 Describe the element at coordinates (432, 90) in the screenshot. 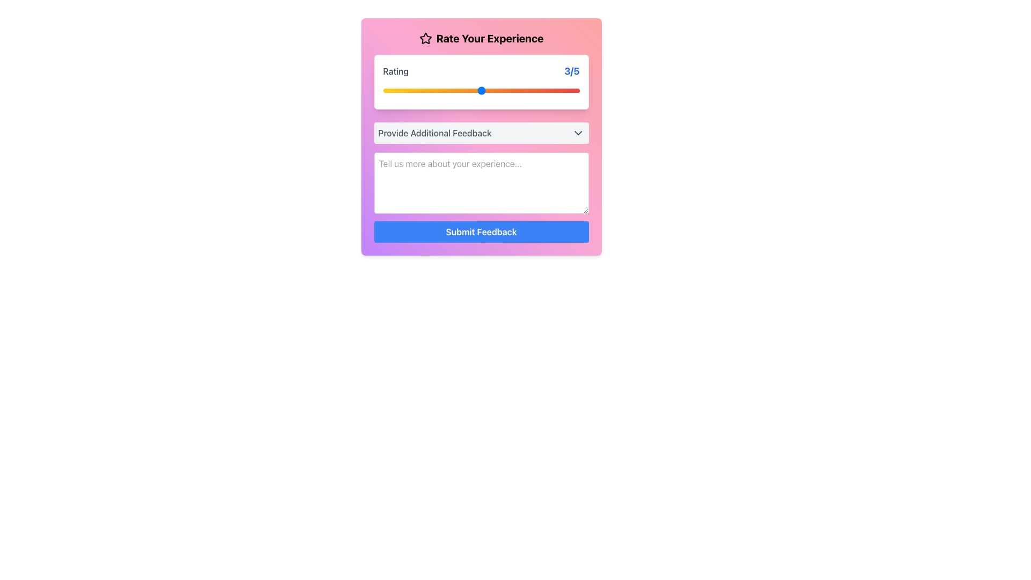

I see `the rating` at that location.